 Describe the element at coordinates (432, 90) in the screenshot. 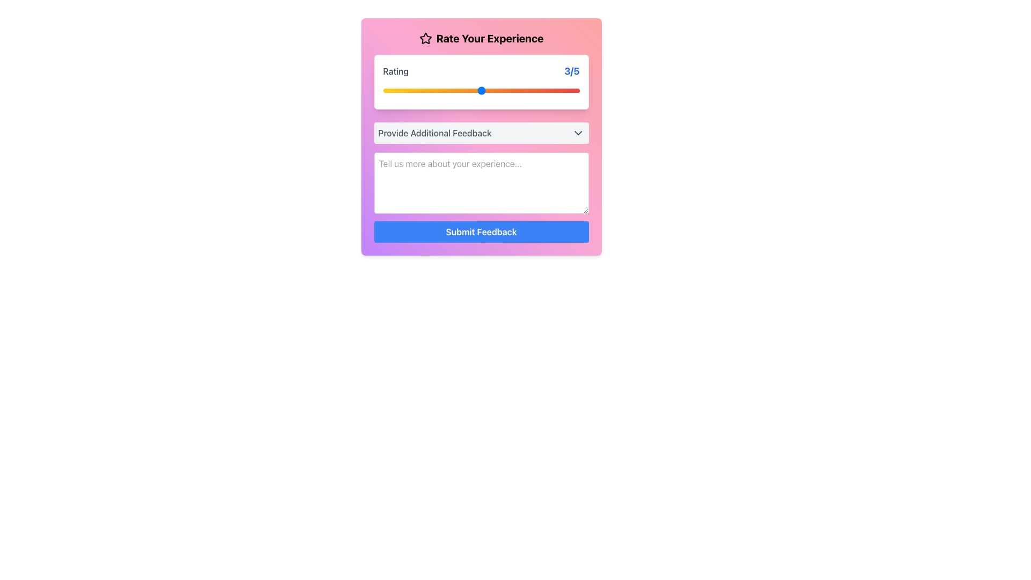

I see `the rating` at that location.